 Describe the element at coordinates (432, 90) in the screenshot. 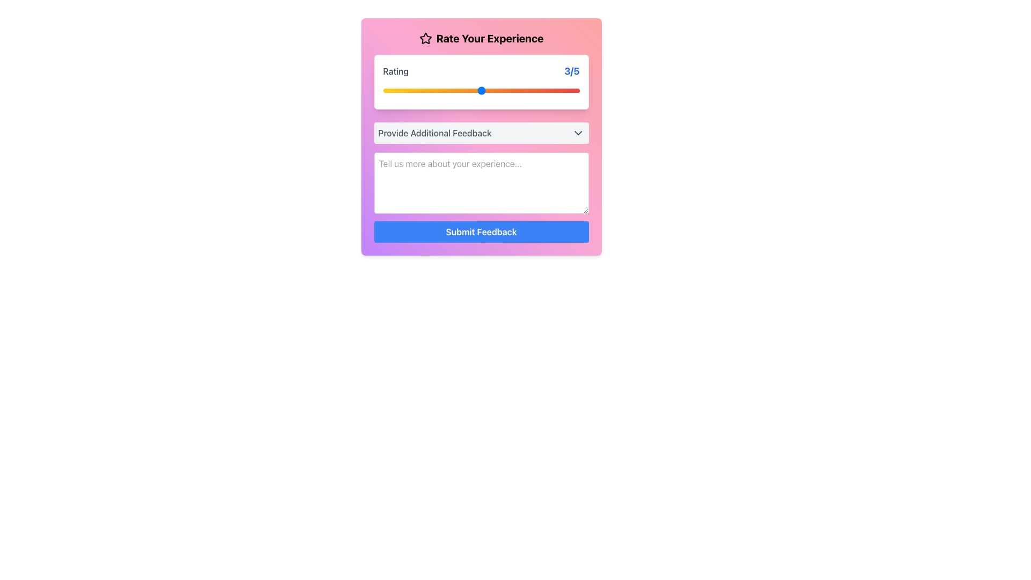

I see `the rating` at that location.